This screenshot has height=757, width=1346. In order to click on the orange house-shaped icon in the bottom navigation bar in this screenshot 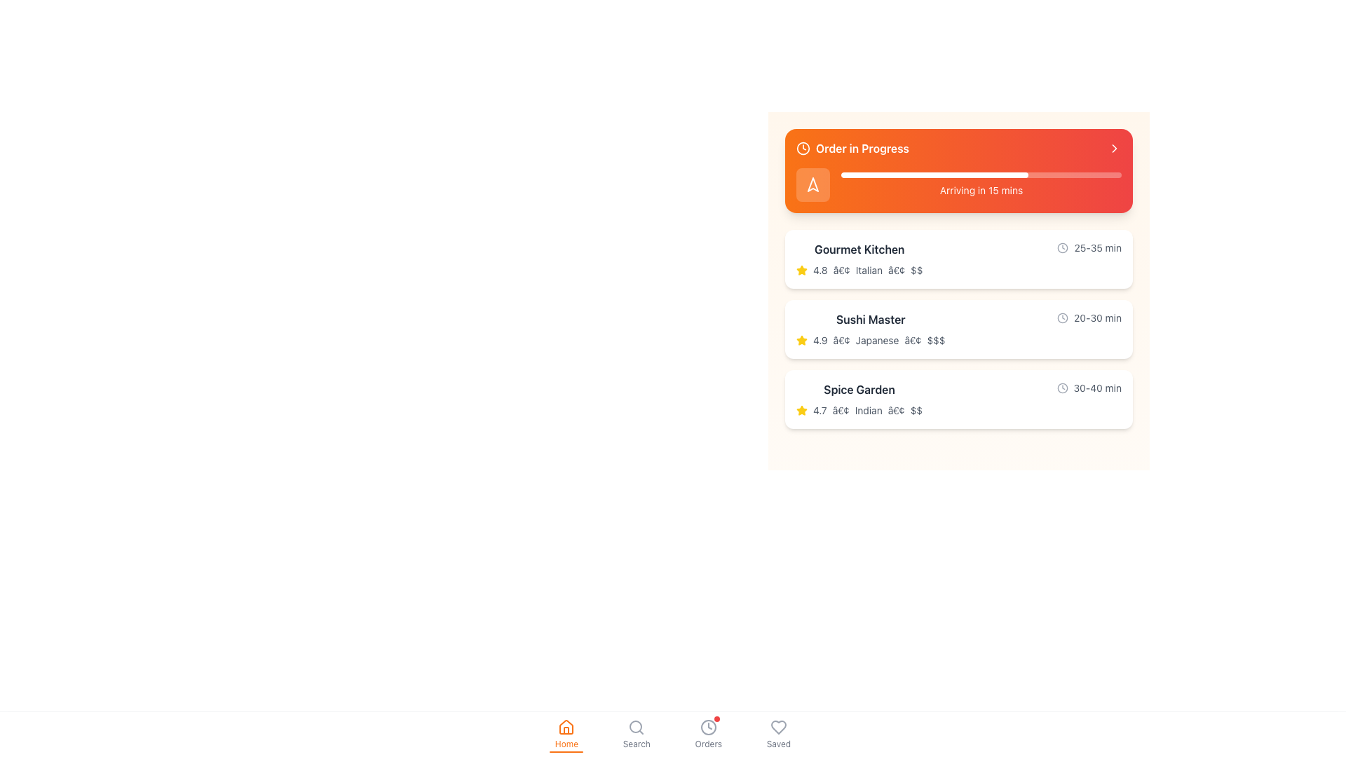, I will do `click(566, 726)`.